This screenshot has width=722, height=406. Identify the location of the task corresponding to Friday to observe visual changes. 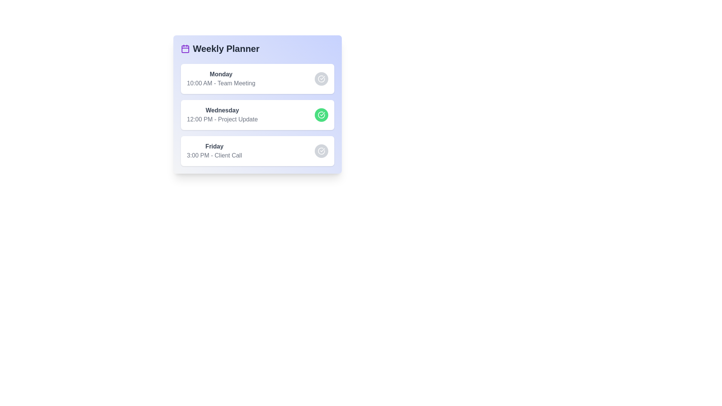
(258, 151).